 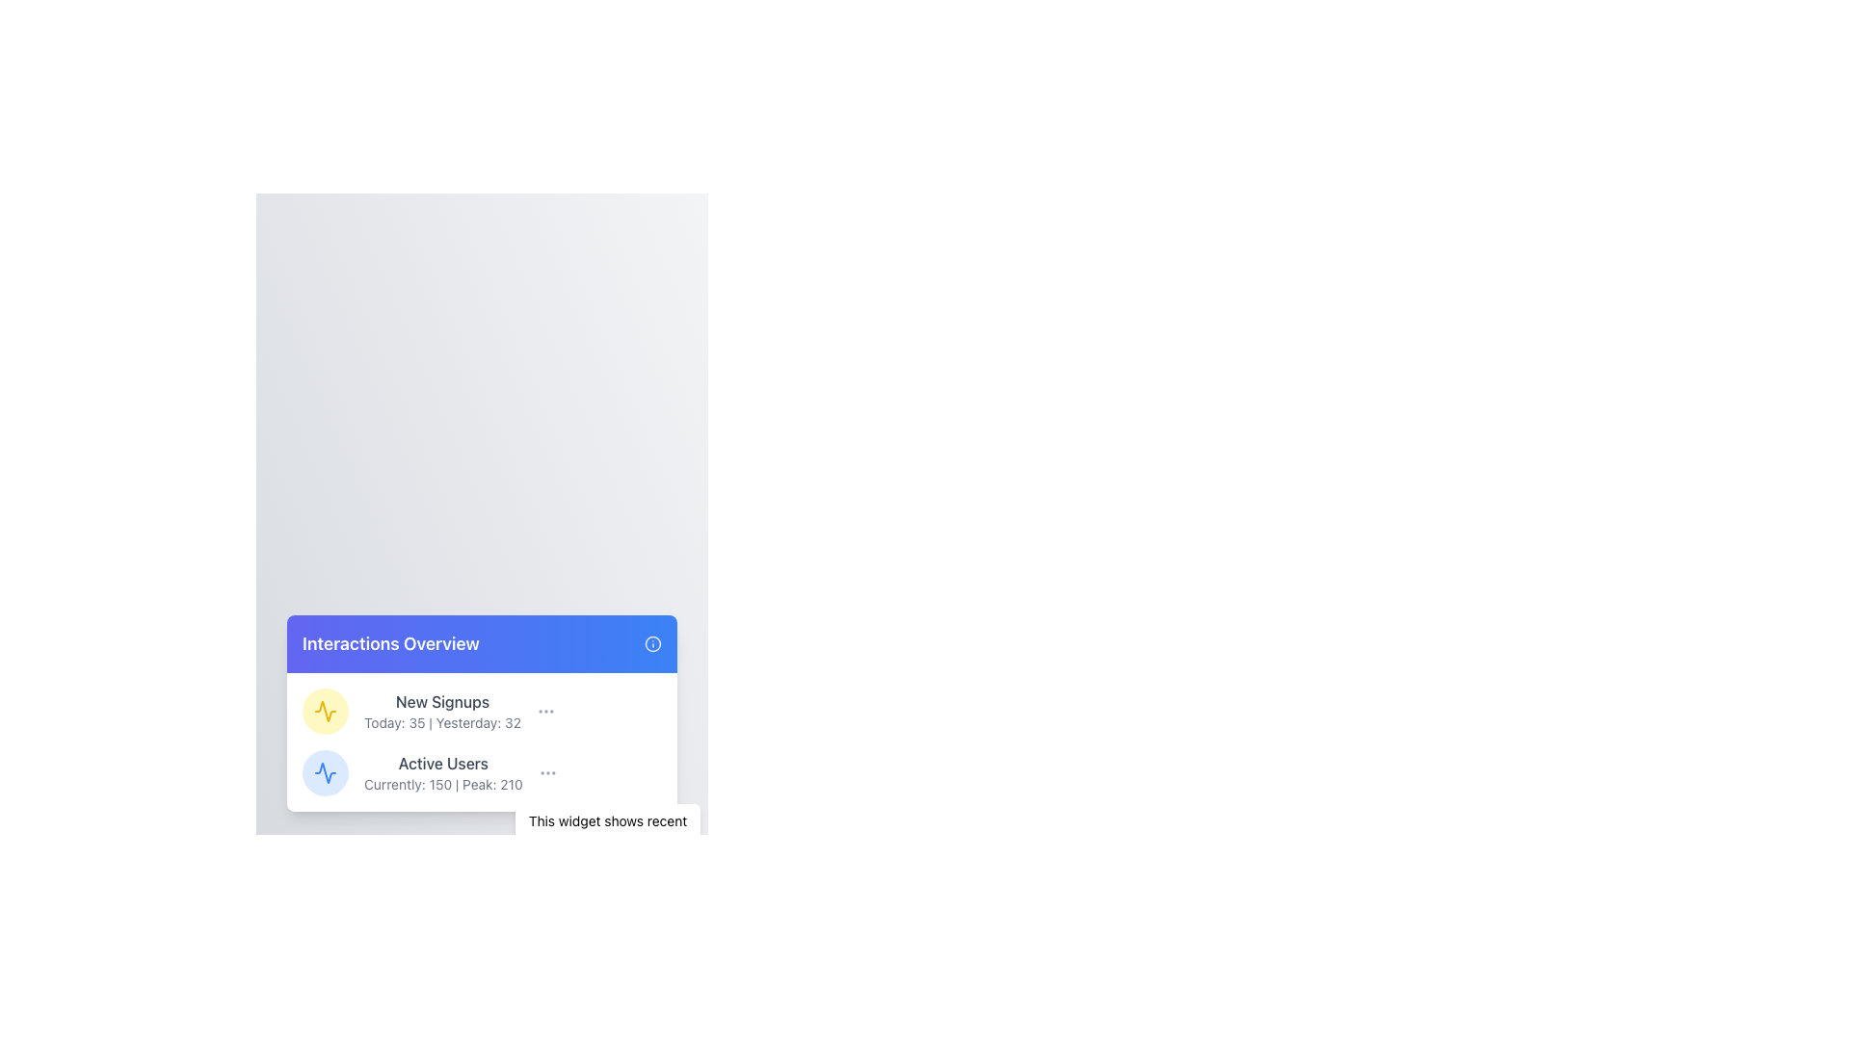 What do you see at coordinates (442, 771) in the screenshot?
I see `the Information Display Block that shows statistical information about user activity, specifically the 'Active Users' section under 'Interactions Overview'` at bounding box center [442, 771].